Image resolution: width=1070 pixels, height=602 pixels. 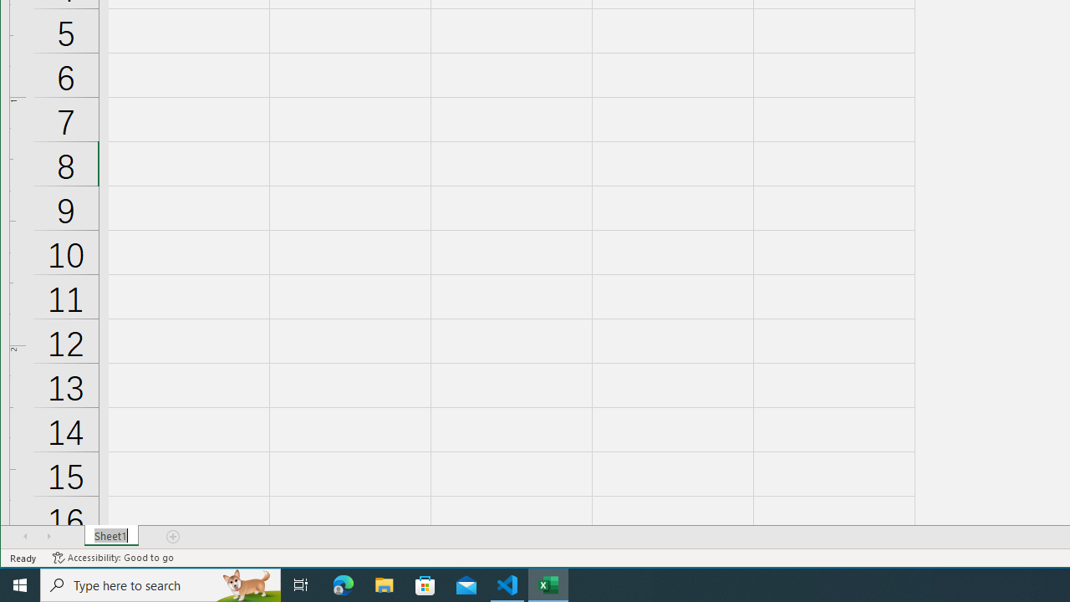 What do you see at coordinates (246, 584) in the screenshot?
I see `'Search highlights icon opens search home window'` at bounding box center [246, 584].